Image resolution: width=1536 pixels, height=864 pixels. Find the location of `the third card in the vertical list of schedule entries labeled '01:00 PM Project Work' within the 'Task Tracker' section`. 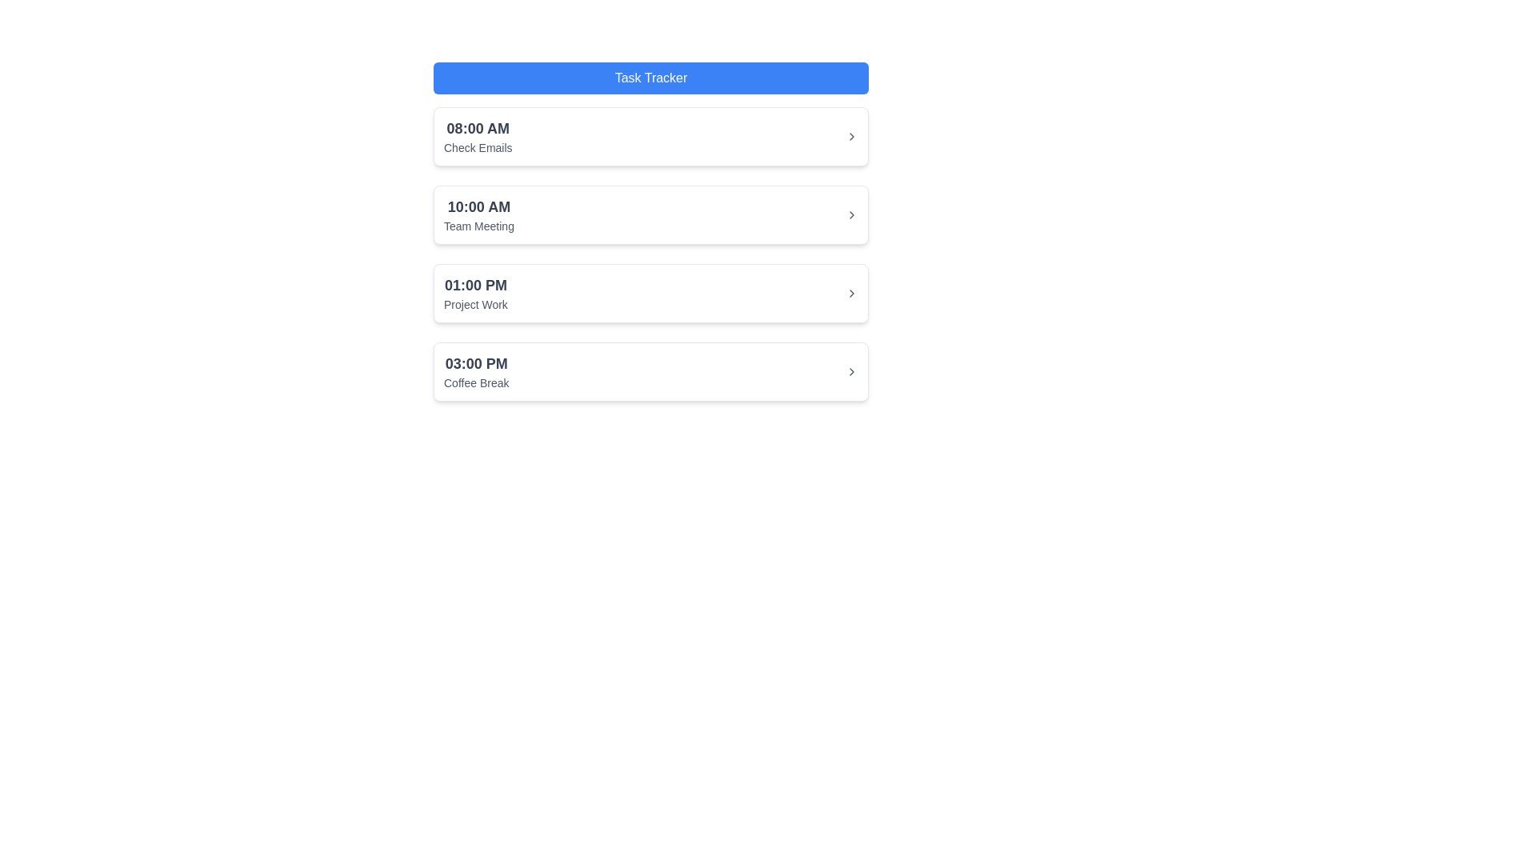

the third card in the vertical list of schedule entries labeled '01:00 PM Project Work' within the 'Task Tracker' section is located at coordinates (651, 293).